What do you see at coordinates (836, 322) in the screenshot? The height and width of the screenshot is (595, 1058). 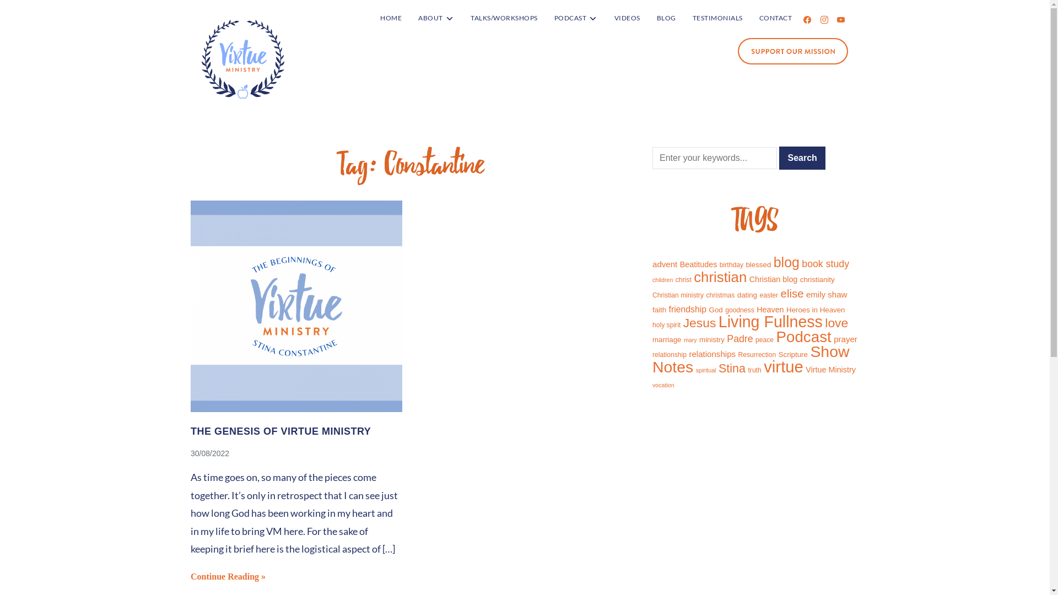 I see `'love'` at bounding box center [836, 322].